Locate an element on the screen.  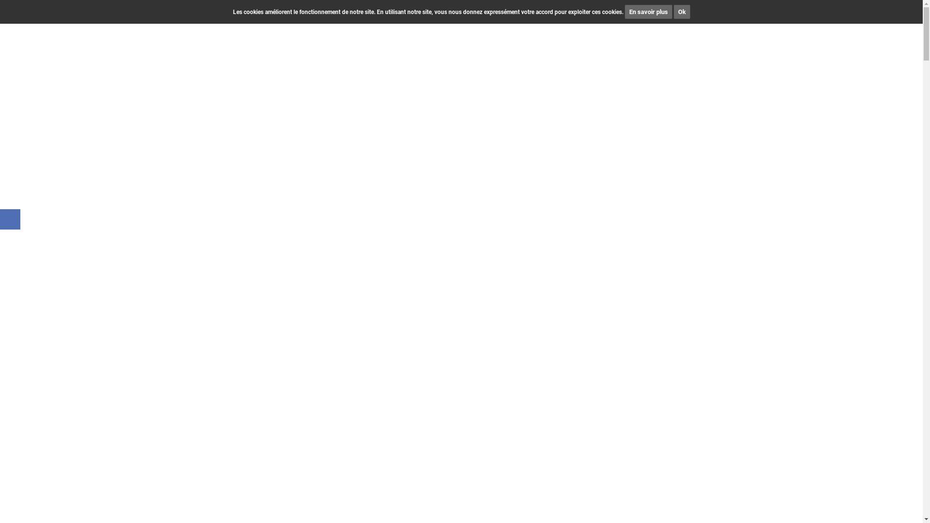
'Ok' is located at coordinates (681, 12).